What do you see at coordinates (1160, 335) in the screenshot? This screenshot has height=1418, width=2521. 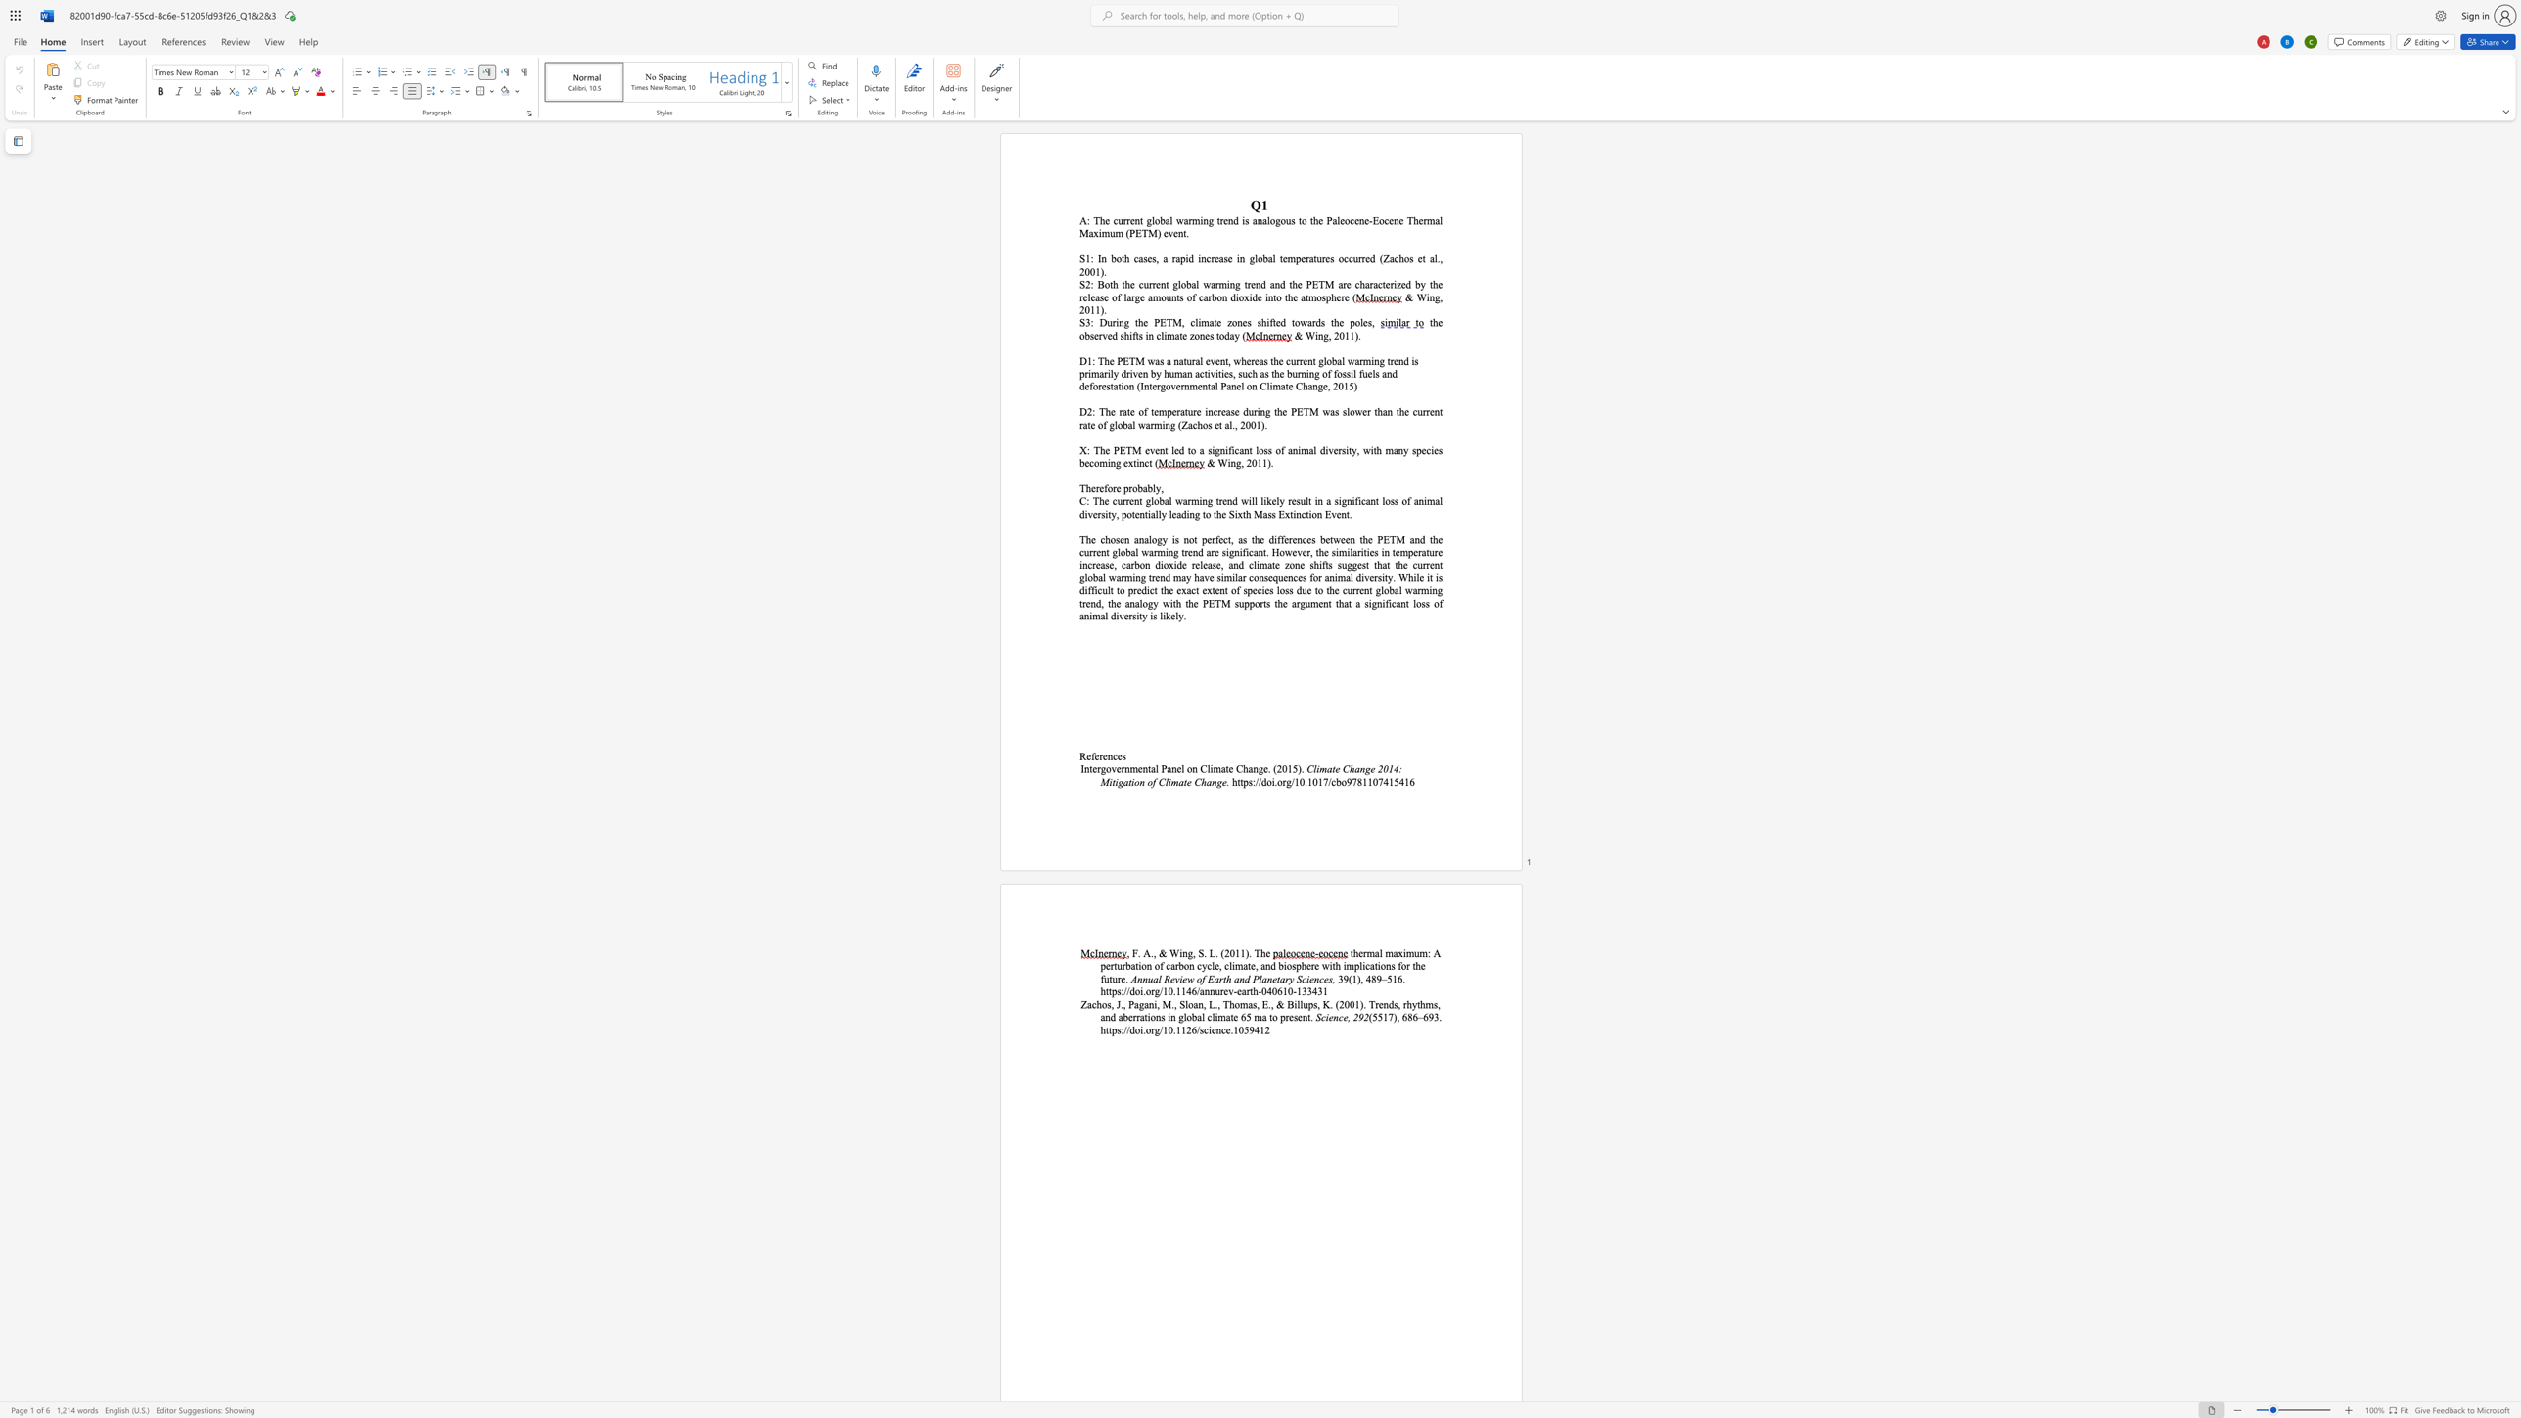 I see `the space between the continuous character "c" and "l" in the text` at bounding box center [1160, 335].